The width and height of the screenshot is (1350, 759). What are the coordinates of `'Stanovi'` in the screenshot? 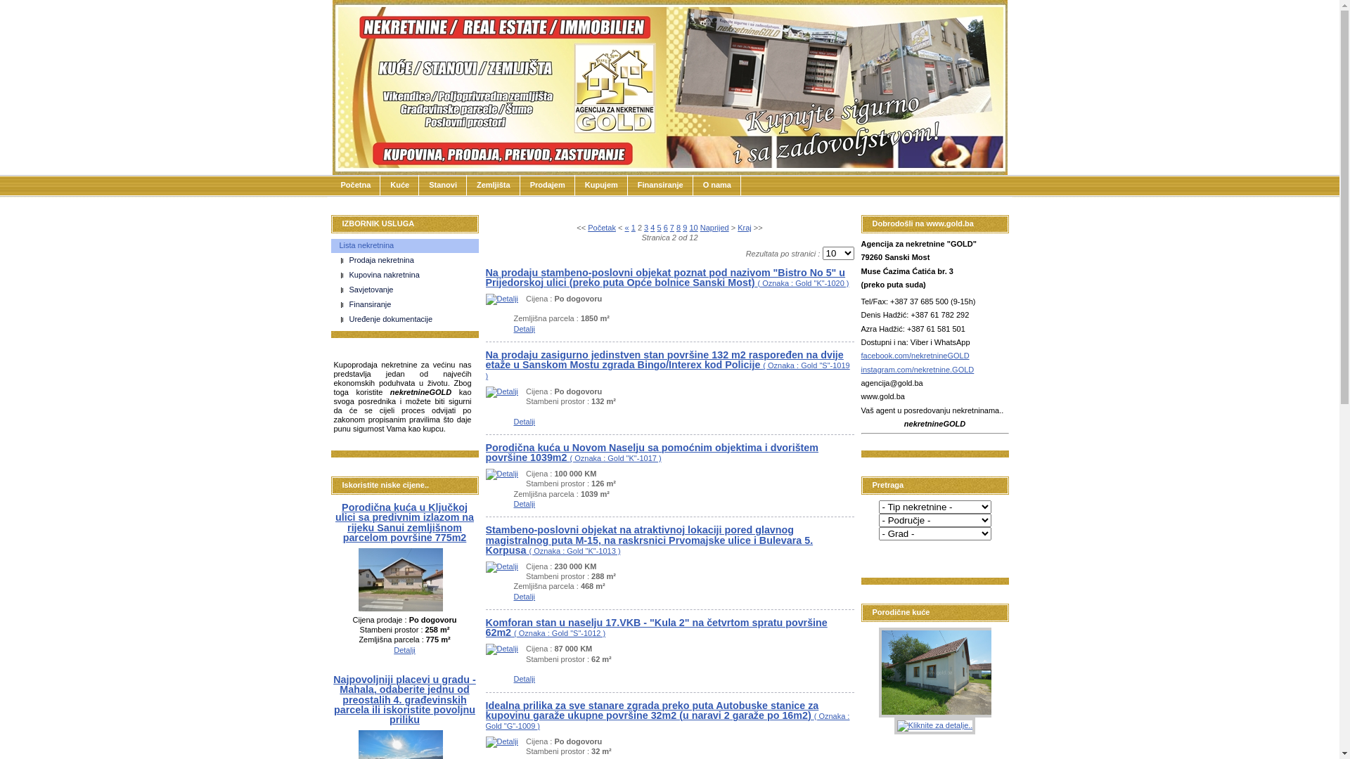 It's located at (442, 184).